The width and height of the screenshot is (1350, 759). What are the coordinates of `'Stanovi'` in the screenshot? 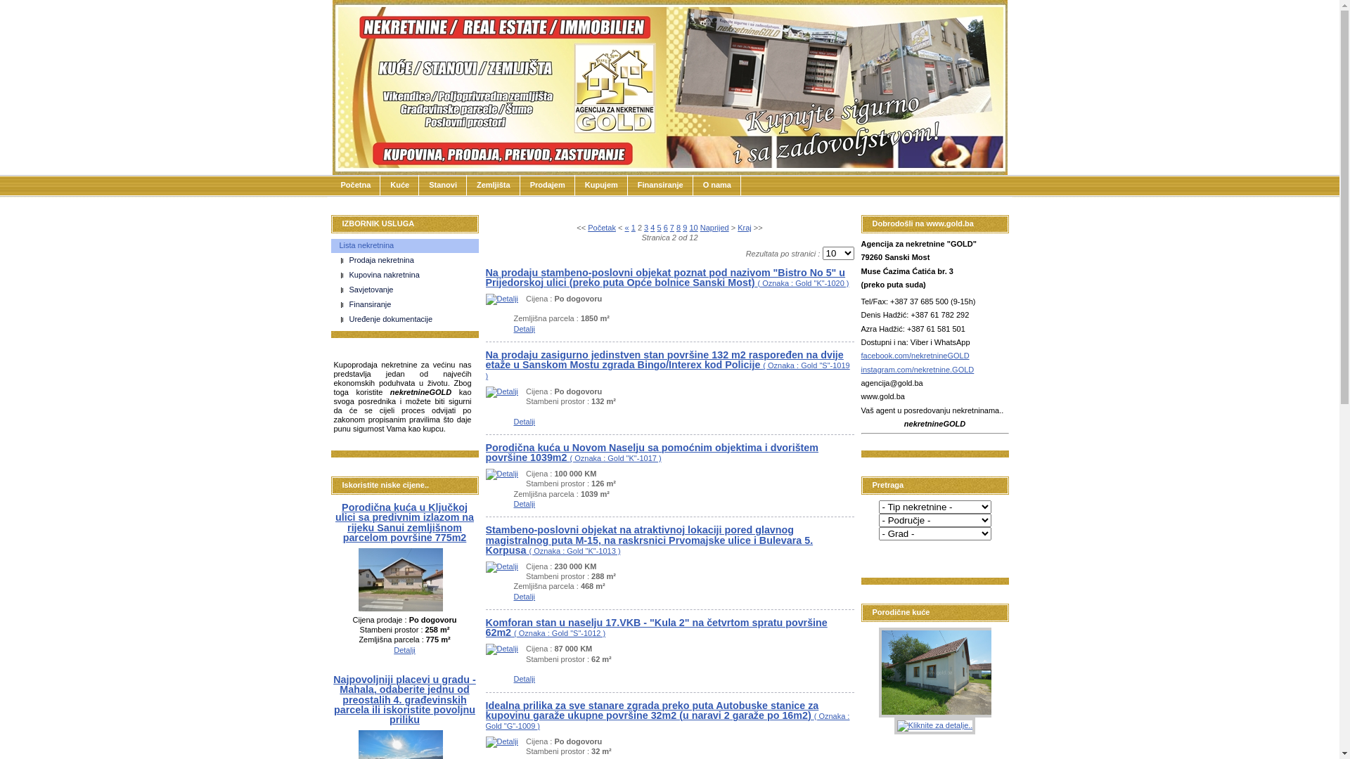 It's located at (442, 184).